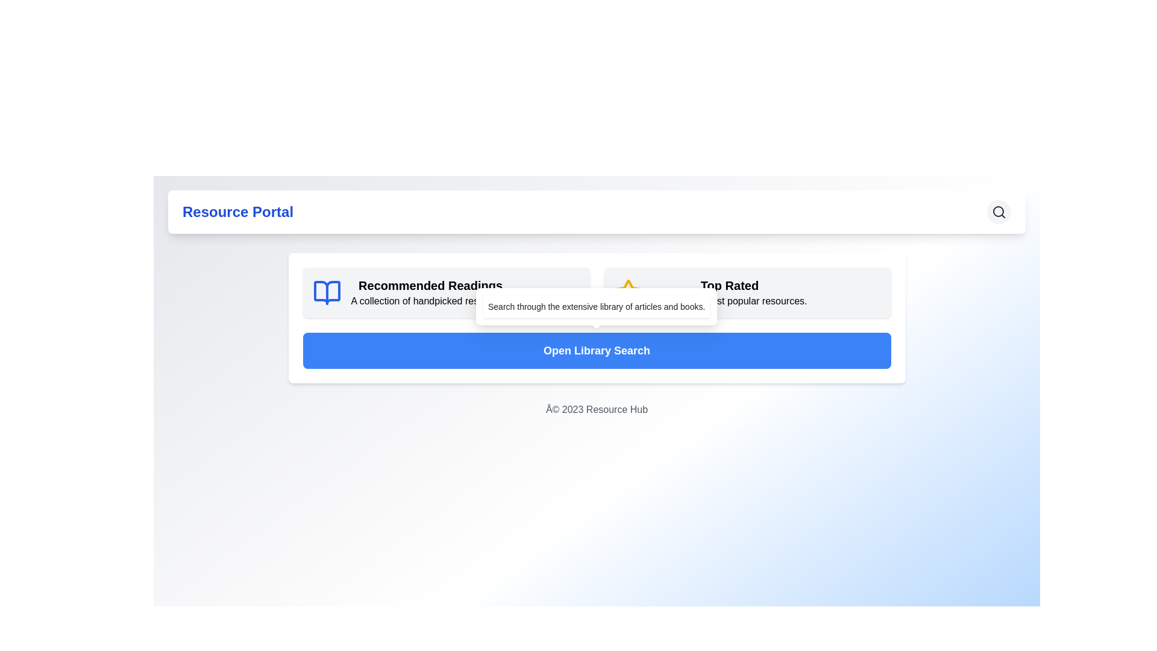  What do you see at coordinates (999, 211) in the screenshot?
I see `the magnifying glass icon button located in the top-right corner of the interface` at bounding box center [999, 211].